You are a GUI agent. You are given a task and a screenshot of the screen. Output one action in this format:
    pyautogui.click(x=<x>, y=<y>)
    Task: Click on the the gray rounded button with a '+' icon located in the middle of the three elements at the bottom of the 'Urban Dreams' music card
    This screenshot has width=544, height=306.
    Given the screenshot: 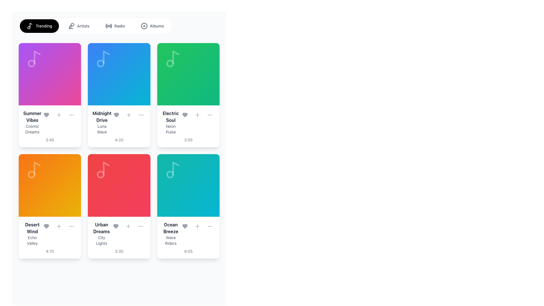 What is the action you would take?
    pyautogui.click(x=128, y=226)
    